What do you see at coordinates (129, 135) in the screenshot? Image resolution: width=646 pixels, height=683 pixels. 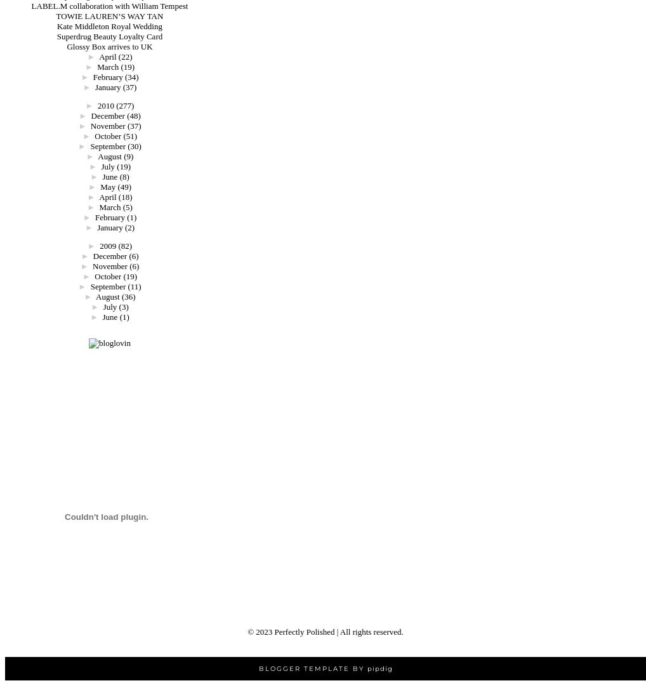 I see `'(51)'` at bounding box center [129, 135].